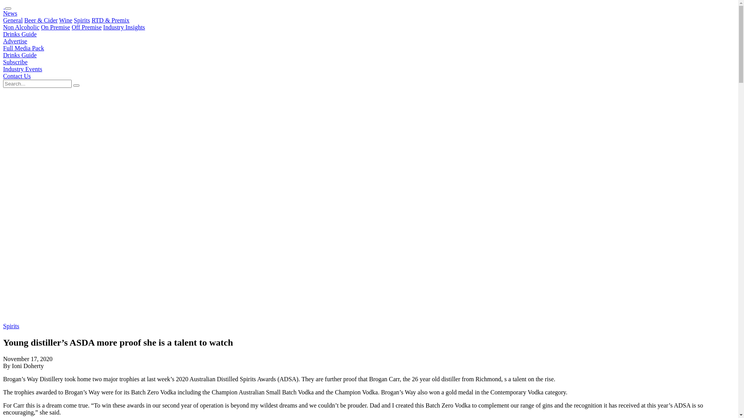 Image resolution: width=744 pixels, height=418 pixels. Describe the element at coordinates (22, 69) in the screenshot. I see `'Industry Events'` at that location.